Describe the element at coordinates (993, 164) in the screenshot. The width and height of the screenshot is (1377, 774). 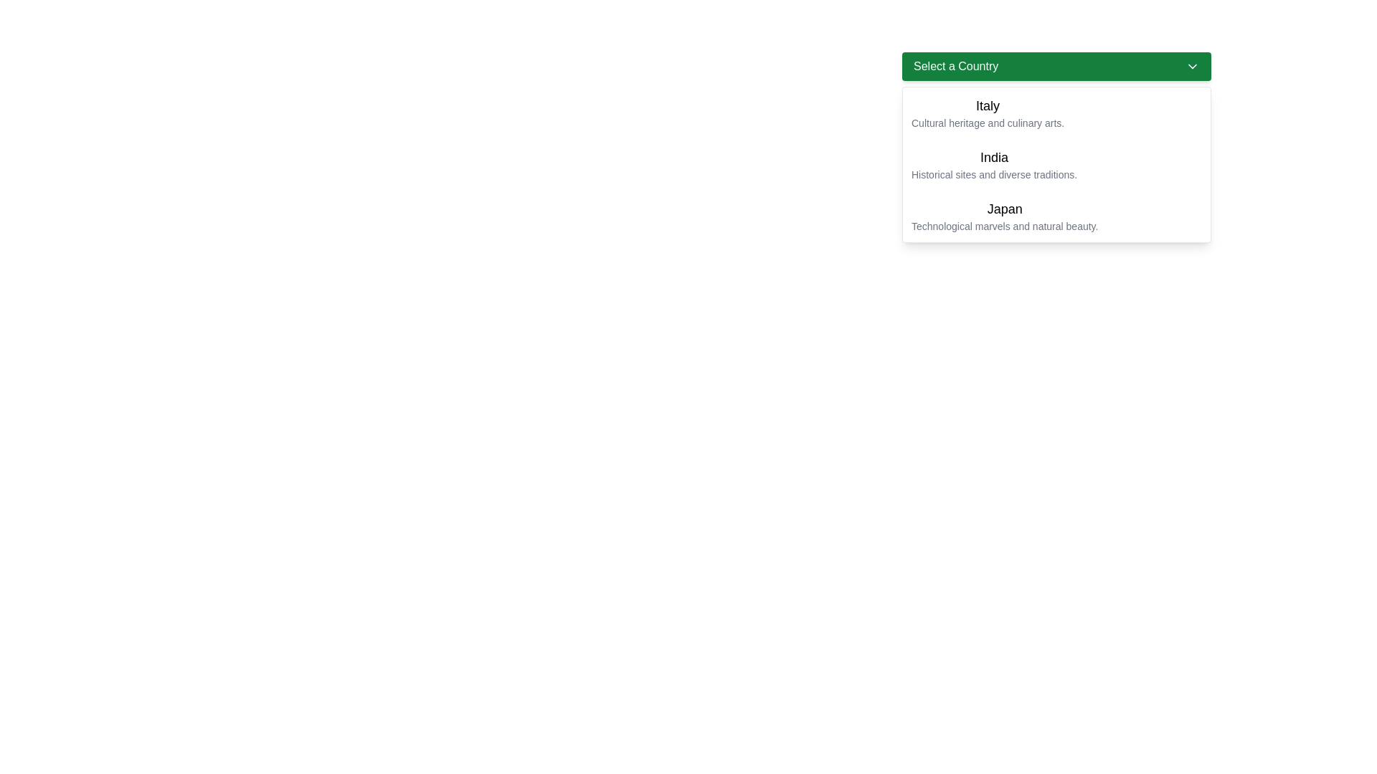
I see `the second option labeled 'A' in the dropdown menu located beneath the green button 'Select a Country'` at that location.